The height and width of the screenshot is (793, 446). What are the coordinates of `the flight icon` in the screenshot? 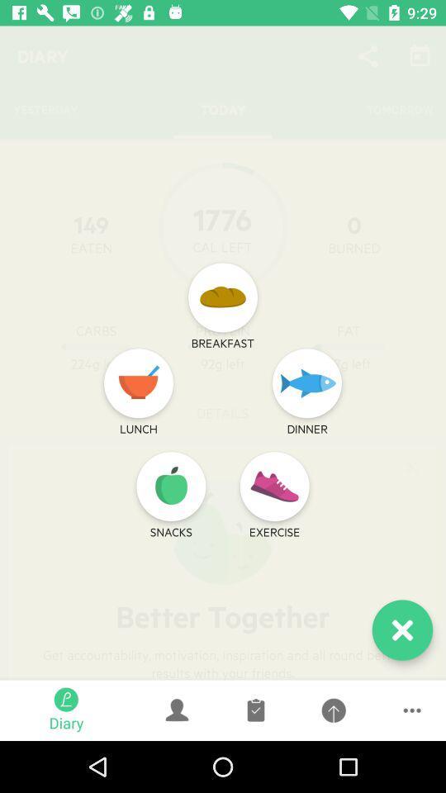 It's located at (307, 383).